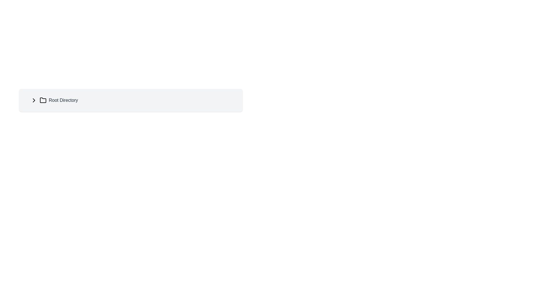 This screenshot has width=548, height=308. What do you see at coordinates (34, 100) in the screenshot?
I see `the chevron icon located to the left of the 'Root Directory' text label` at bounding box center [34, 100].